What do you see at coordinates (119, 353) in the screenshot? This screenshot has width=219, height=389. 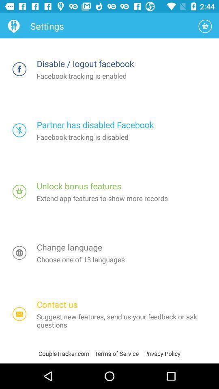 I see `the item below suggest new features icon` at bounding box center [119, 353].